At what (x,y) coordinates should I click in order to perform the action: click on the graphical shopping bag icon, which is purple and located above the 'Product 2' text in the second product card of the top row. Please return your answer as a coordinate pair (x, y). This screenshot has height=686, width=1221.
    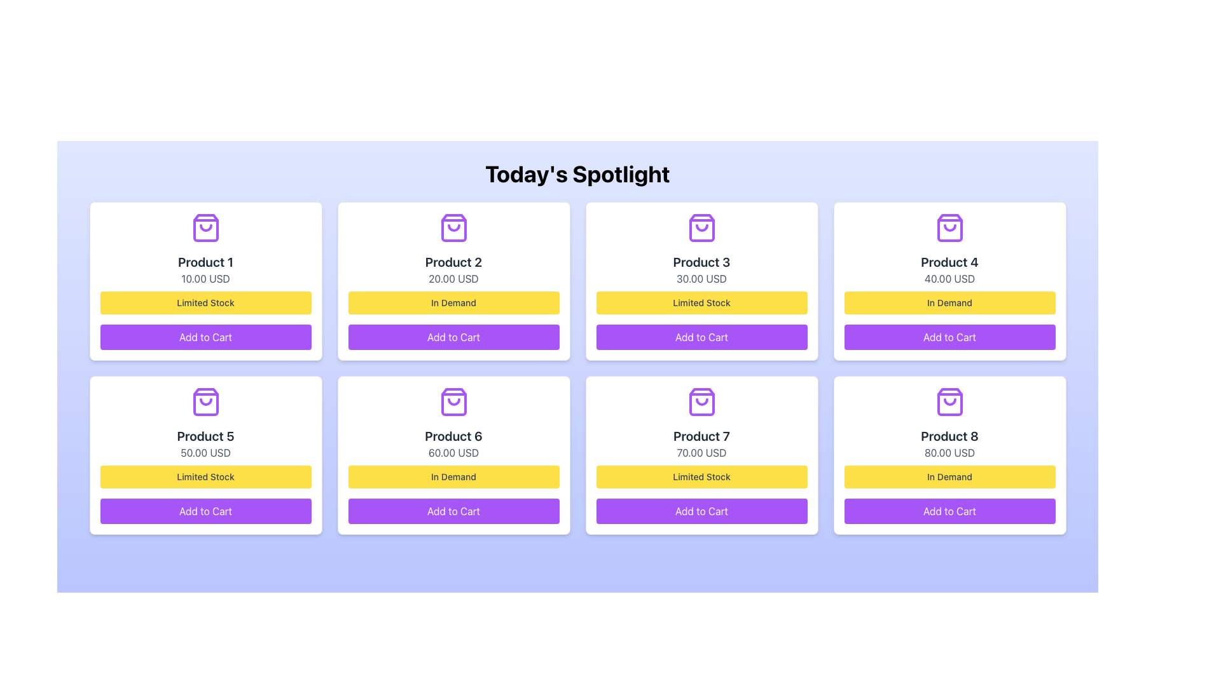
    Looking at the image, I should click on (453, 227).